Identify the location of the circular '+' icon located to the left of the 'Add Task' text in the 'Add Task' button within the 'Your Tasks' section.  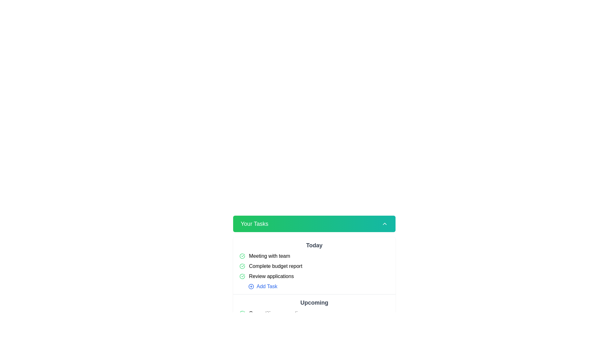
(251, 287).